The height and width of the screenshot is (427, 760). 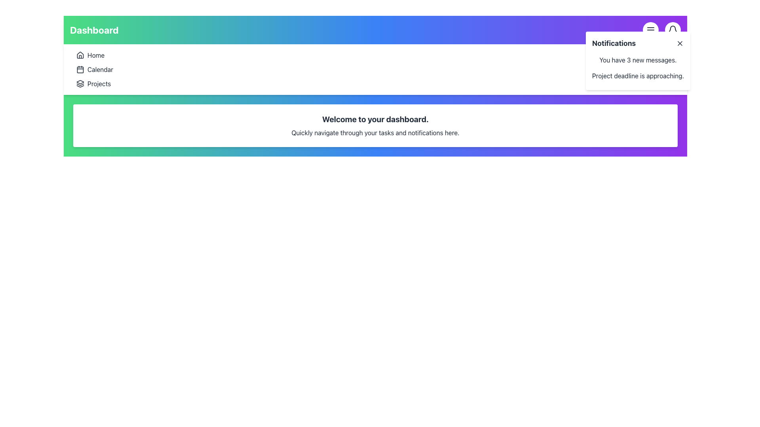 What do you see at coordinates (680, 43) in the screenshot?
I see `the 'X' button in the top-right corner of the notification panel` at bounding box center [680, 43].